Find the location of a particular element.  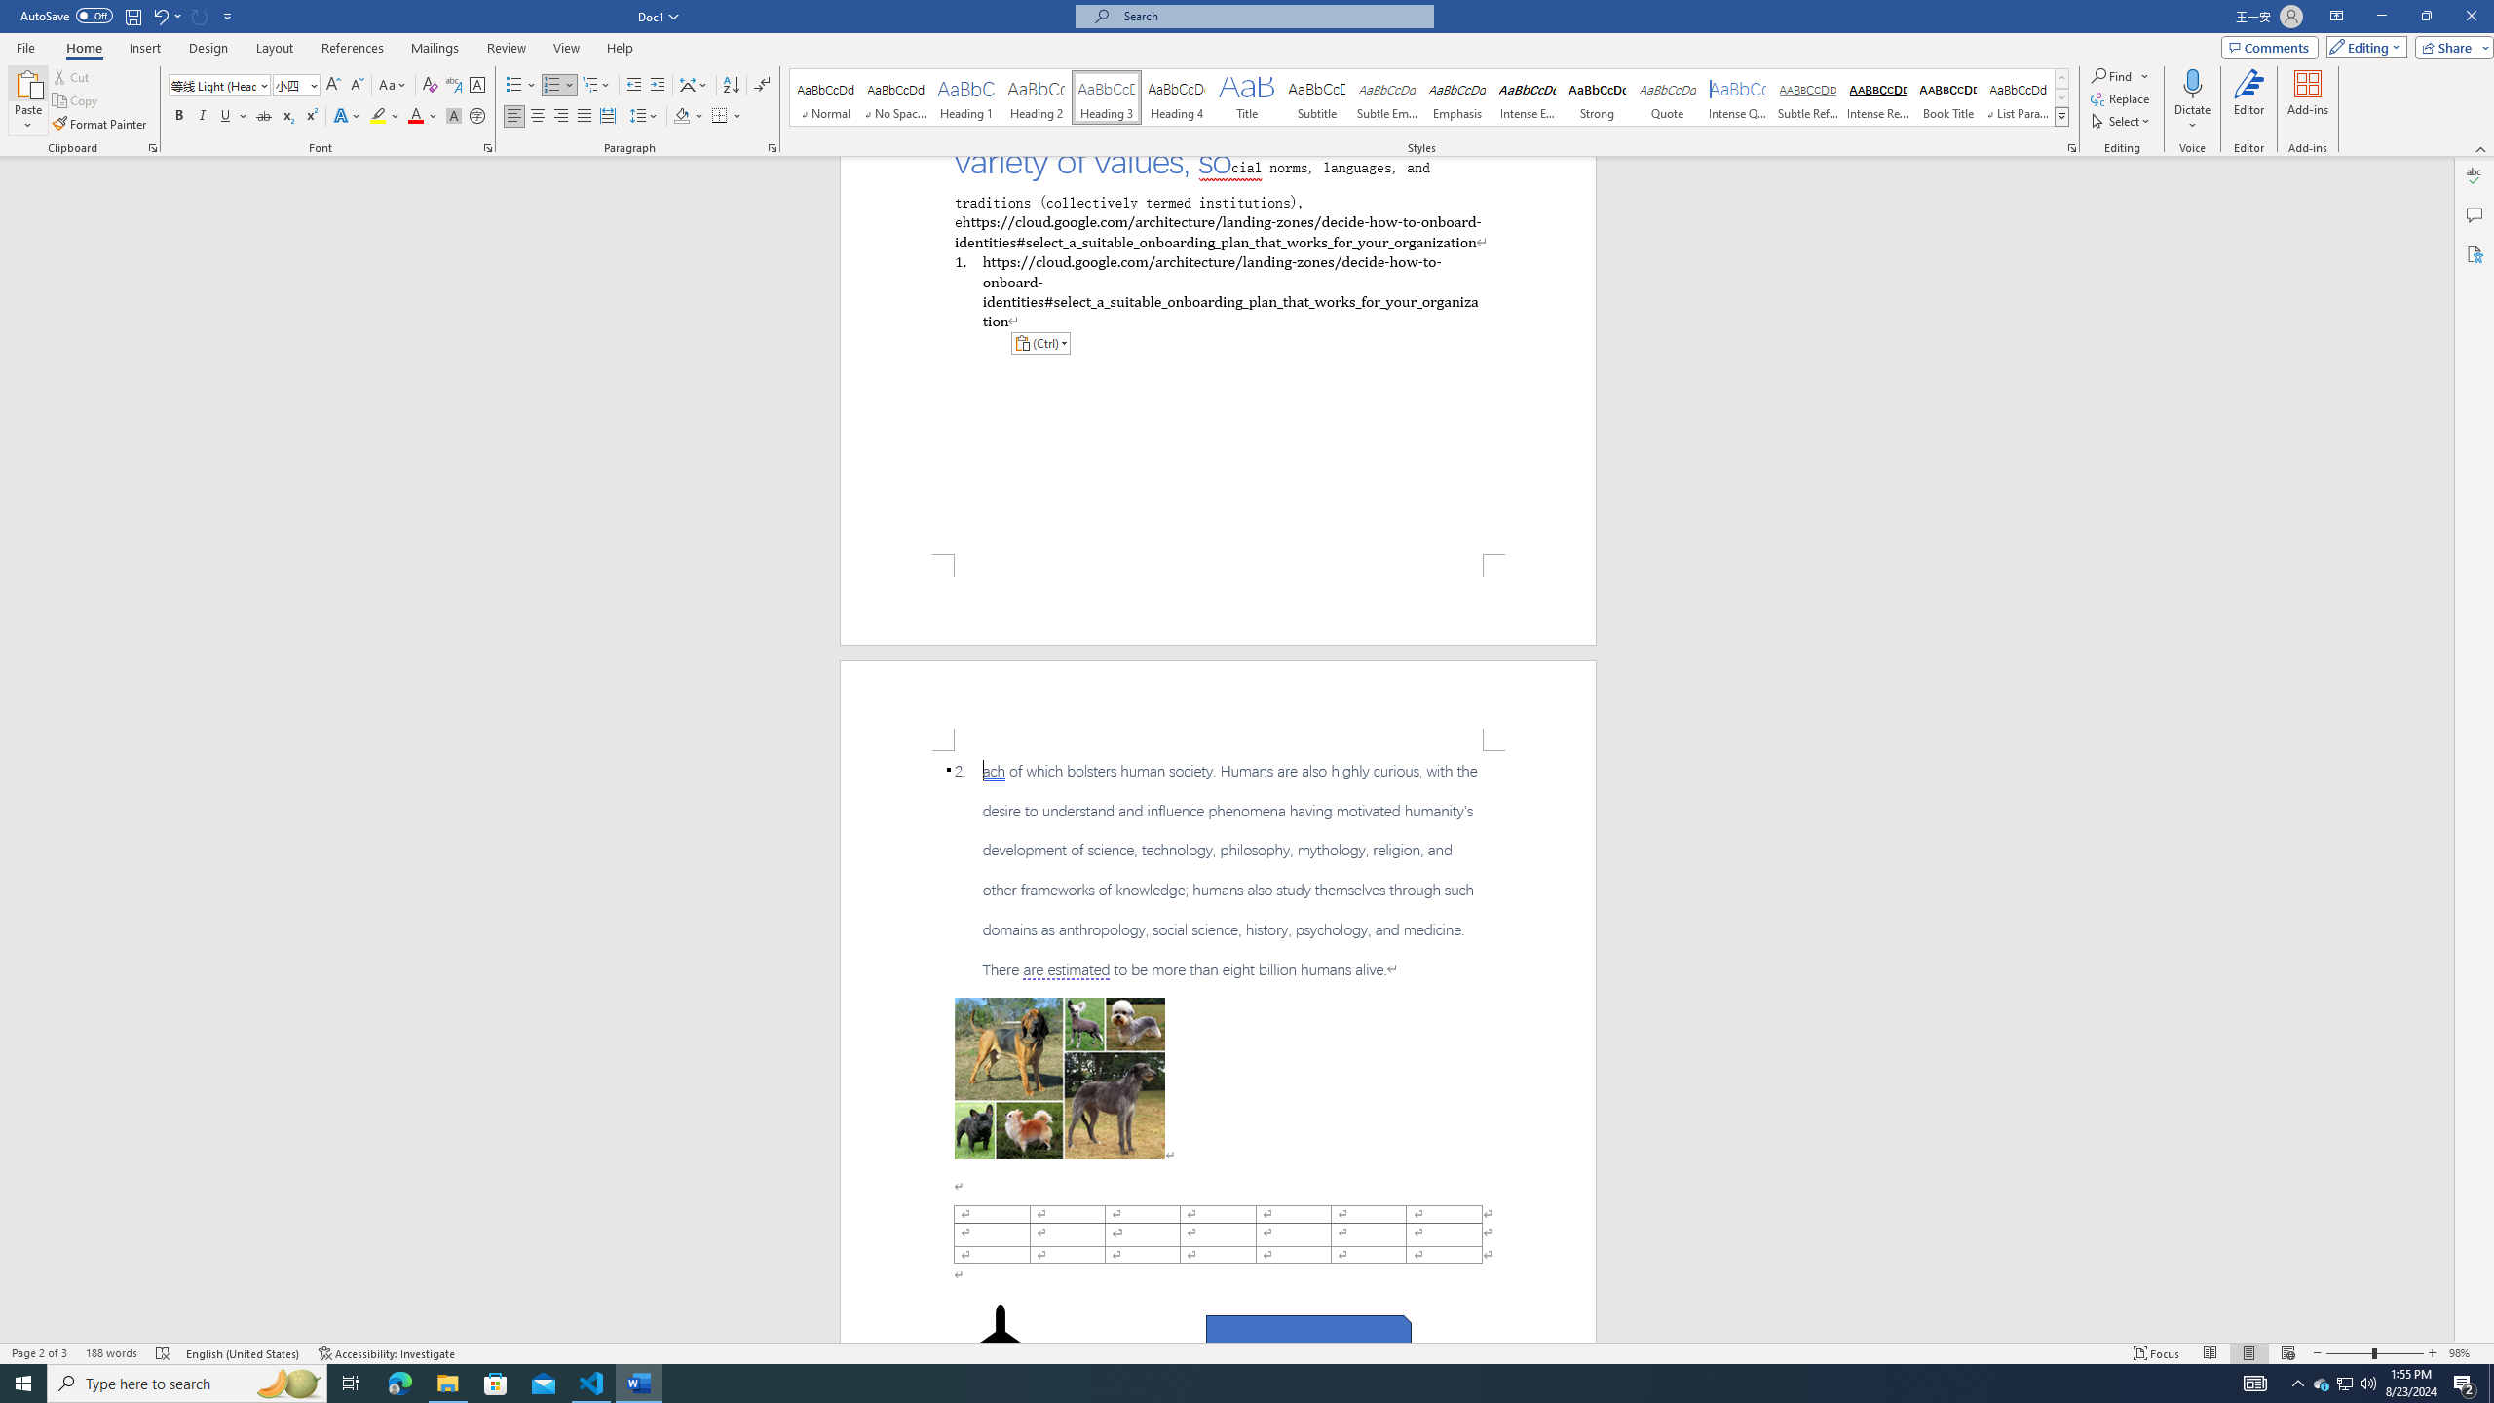

'Page Number Page 2 of 3' is located at coordinates (39, 1353).